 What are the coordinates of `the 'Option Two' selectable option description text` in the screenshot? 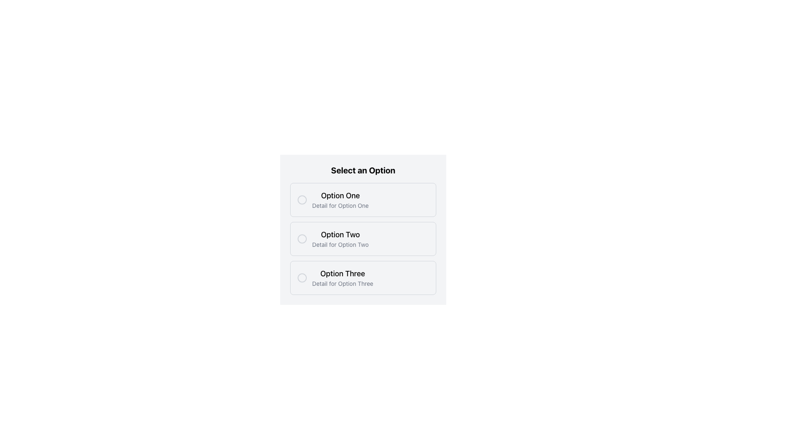 It's located at (340, 239).